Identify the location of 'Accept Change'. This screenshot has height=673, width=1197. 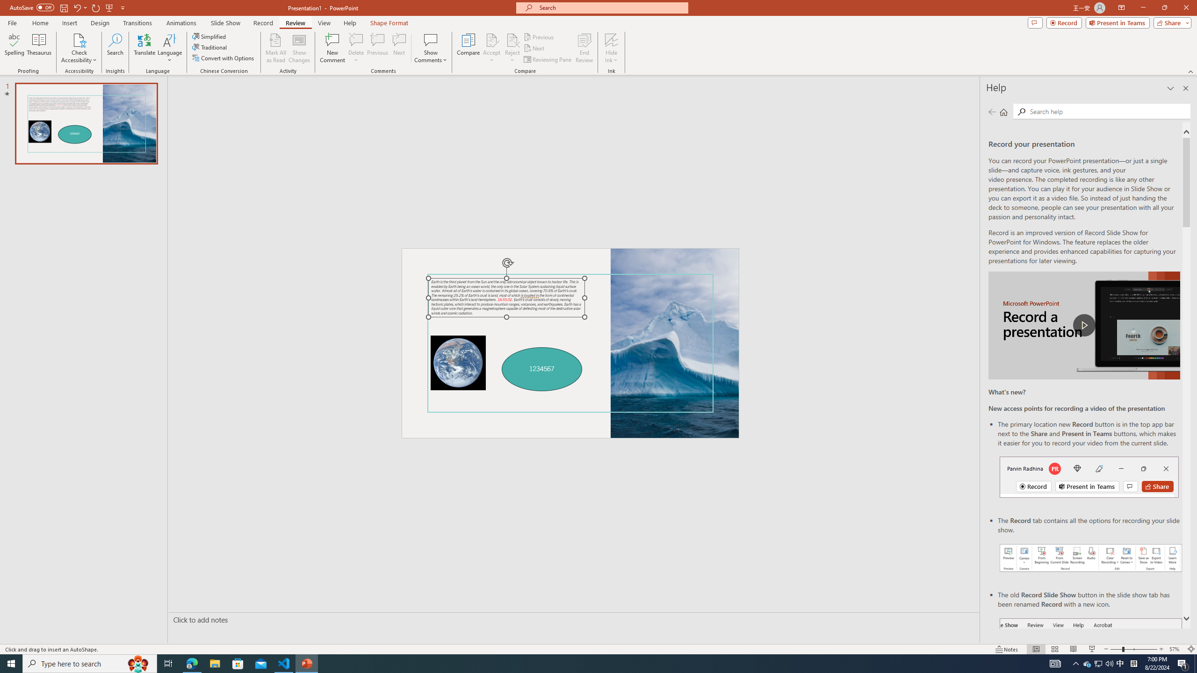
(491, 39).